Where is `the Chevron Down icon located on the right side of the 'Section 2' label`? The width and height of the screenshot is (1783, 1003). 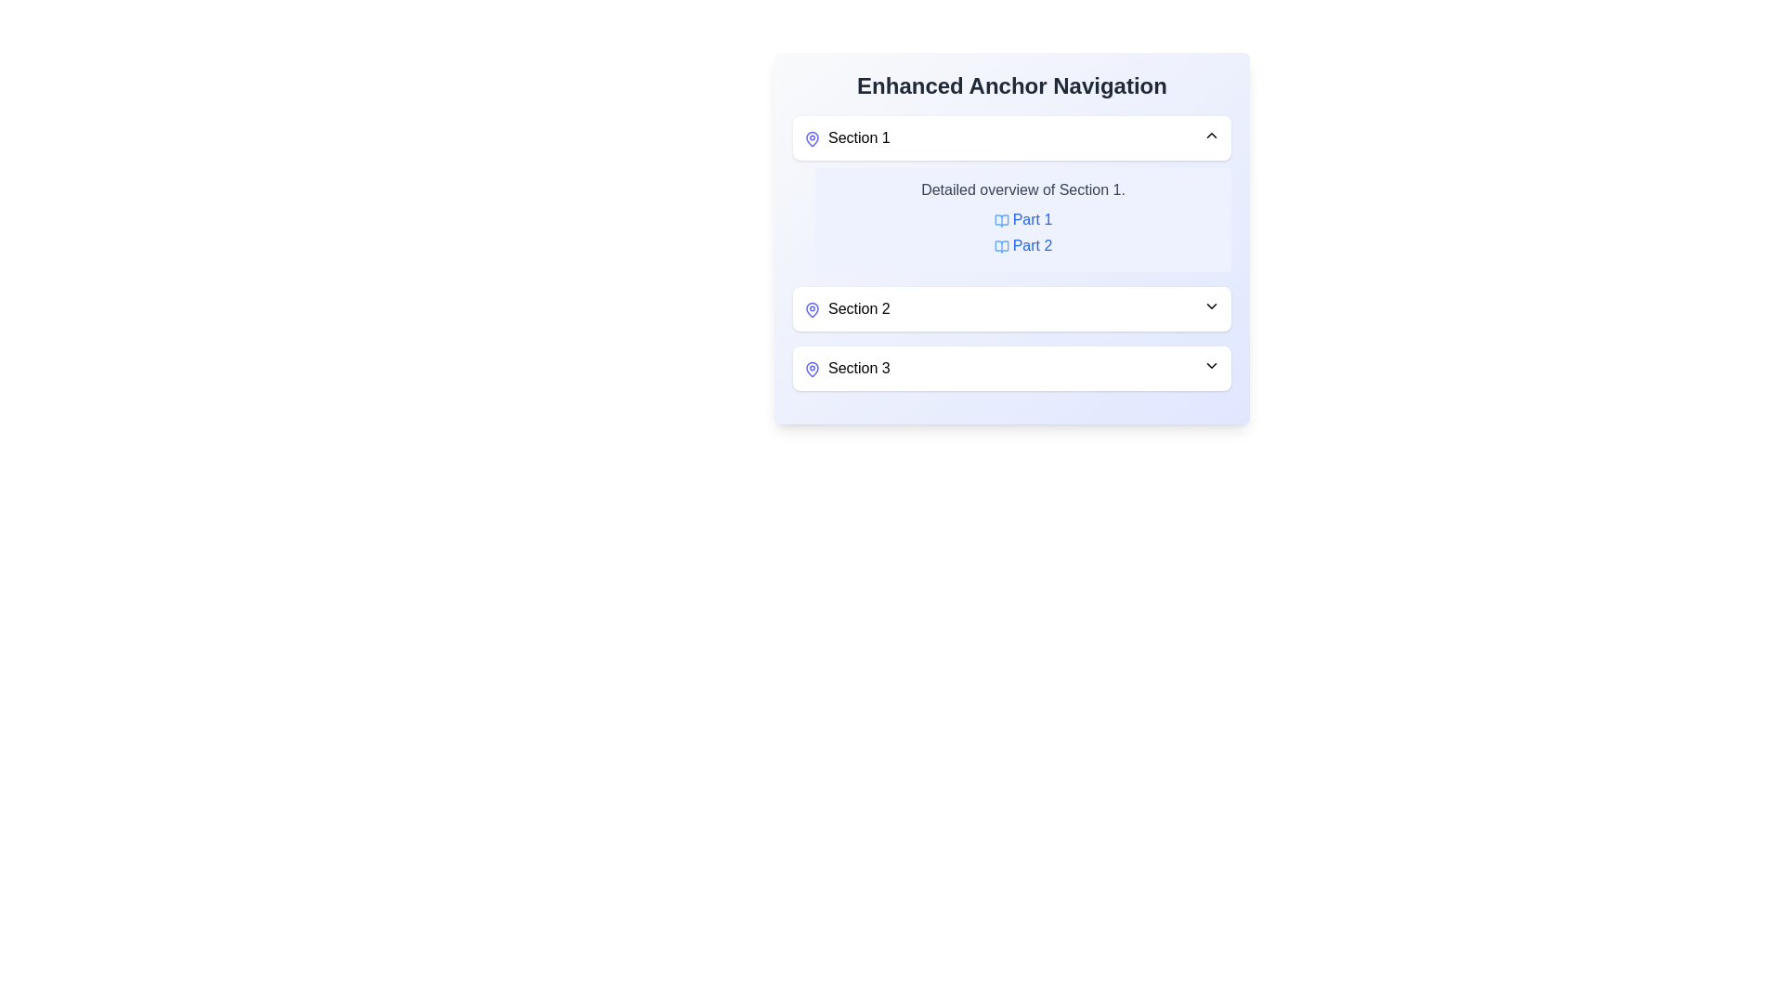
the Chevron Down icon located on the right side of the 'Section 2' label is located at coordinates (1212, 306).